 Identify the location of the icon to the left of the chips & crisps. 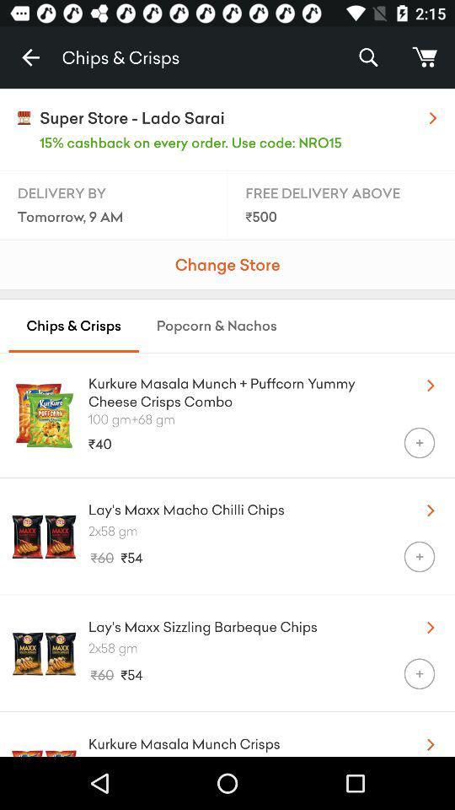
(30, 57).